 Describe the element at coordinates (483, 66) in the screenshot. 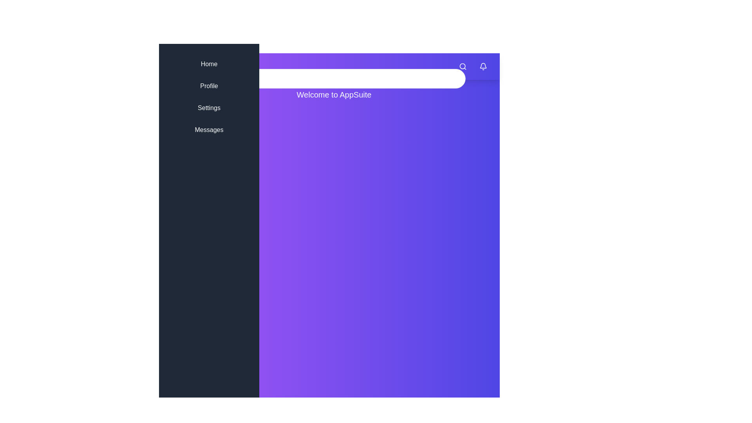

I see `the notification bell icon to interact with it` at that location.